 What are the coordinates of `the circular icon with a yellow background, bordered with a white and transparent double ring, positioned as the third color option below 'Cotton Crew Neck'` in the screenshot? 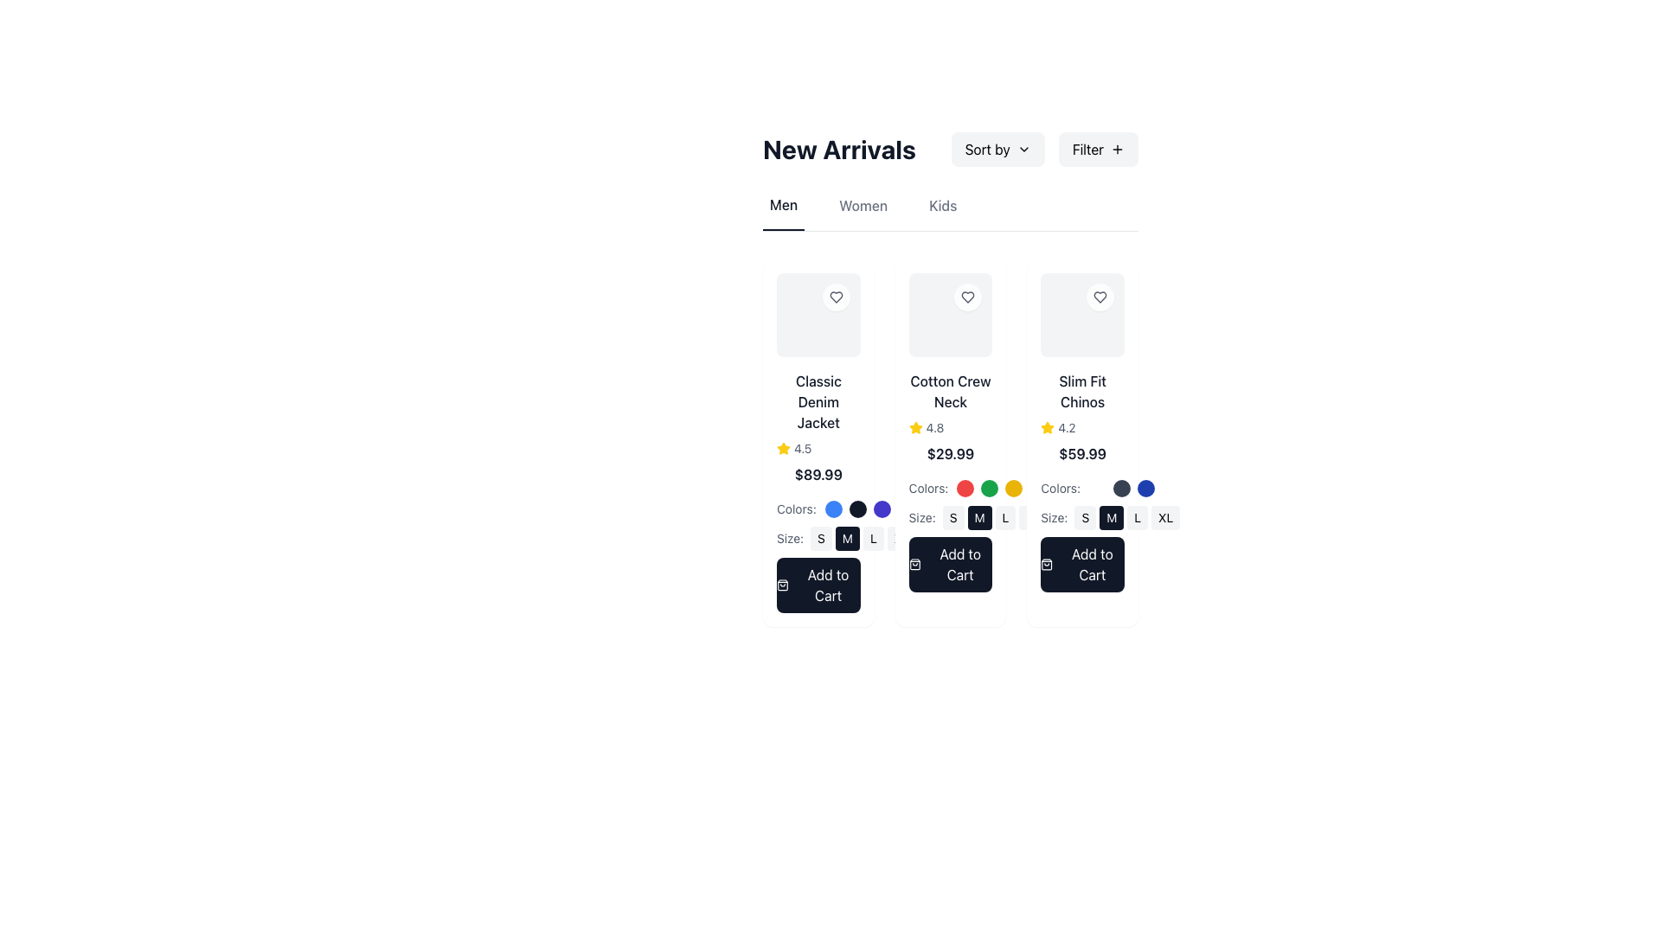 It's located at (1014, 488).